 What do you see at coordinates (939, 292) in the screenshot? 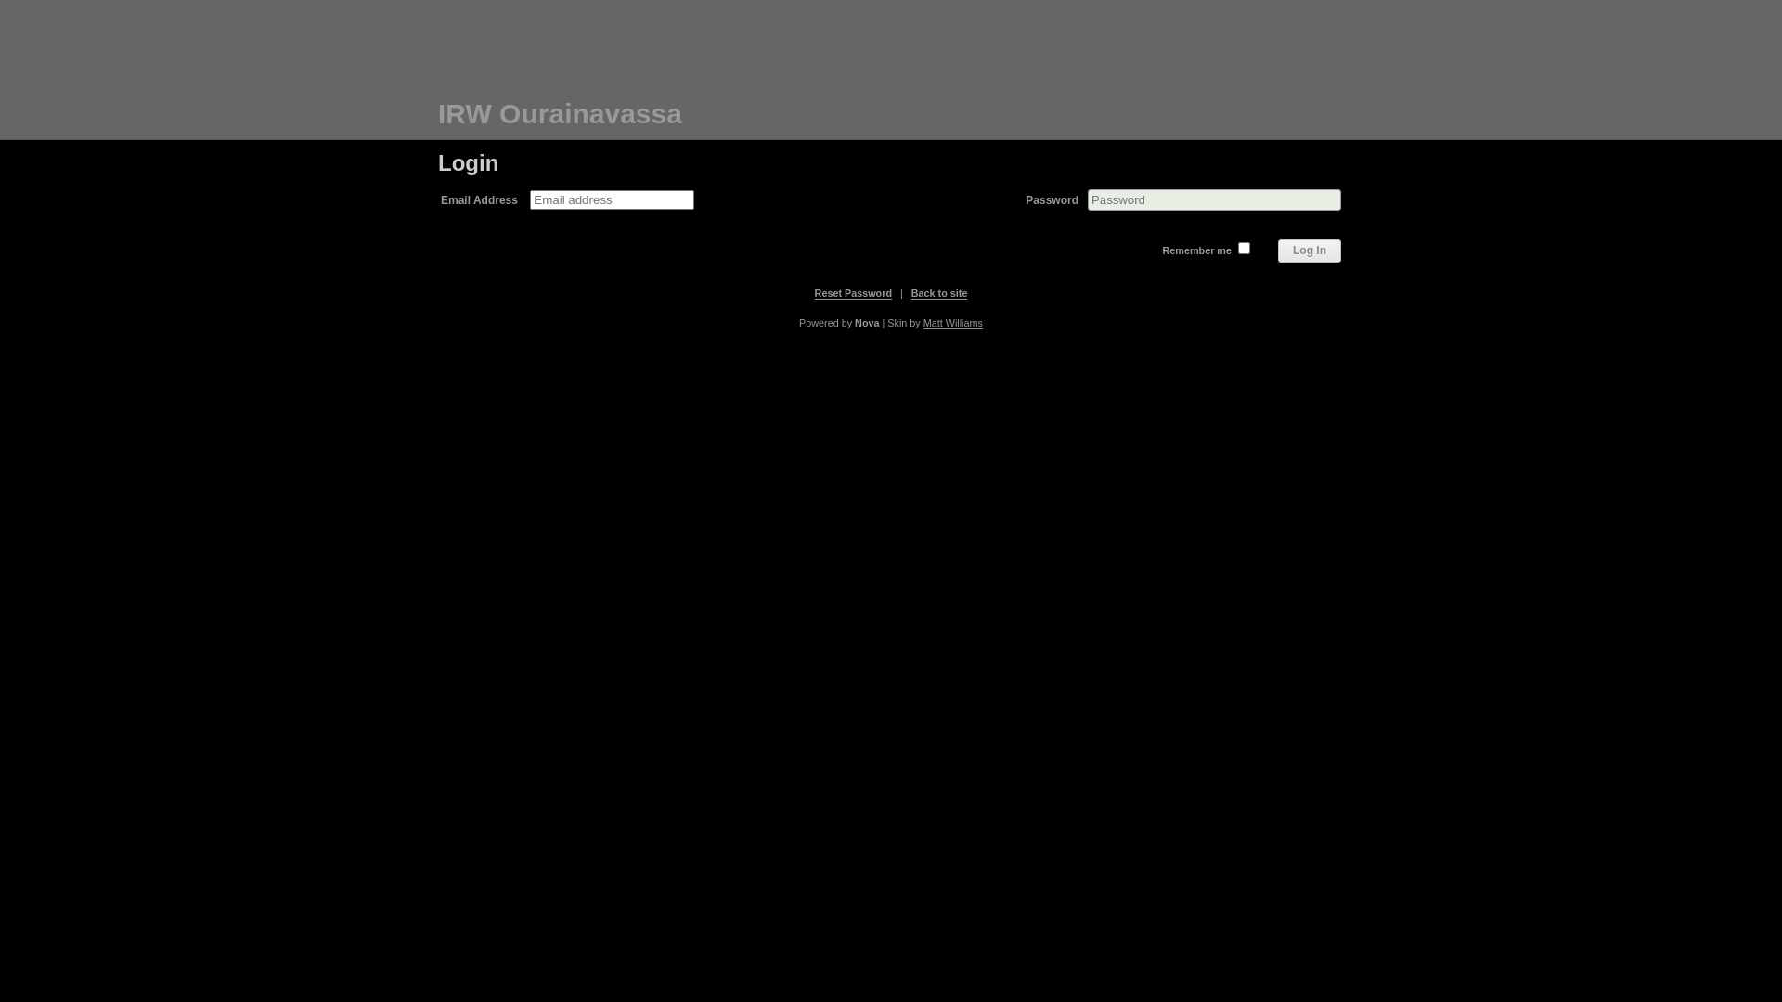
I see `'Back to site'` at bounding box center [939, 292].